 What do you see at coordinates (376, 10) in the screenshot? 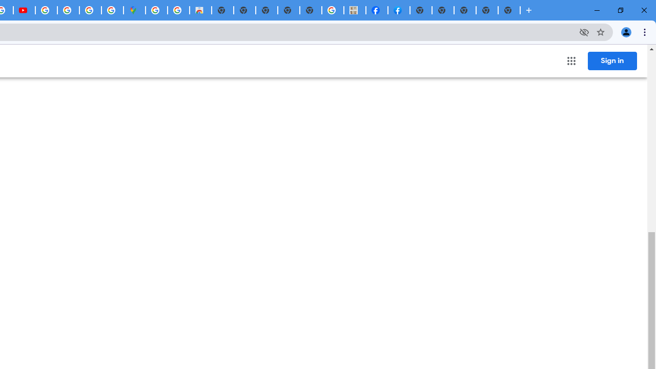
I see `'Miley Cyrus | Facebook'` at bounding box center [376, 10].